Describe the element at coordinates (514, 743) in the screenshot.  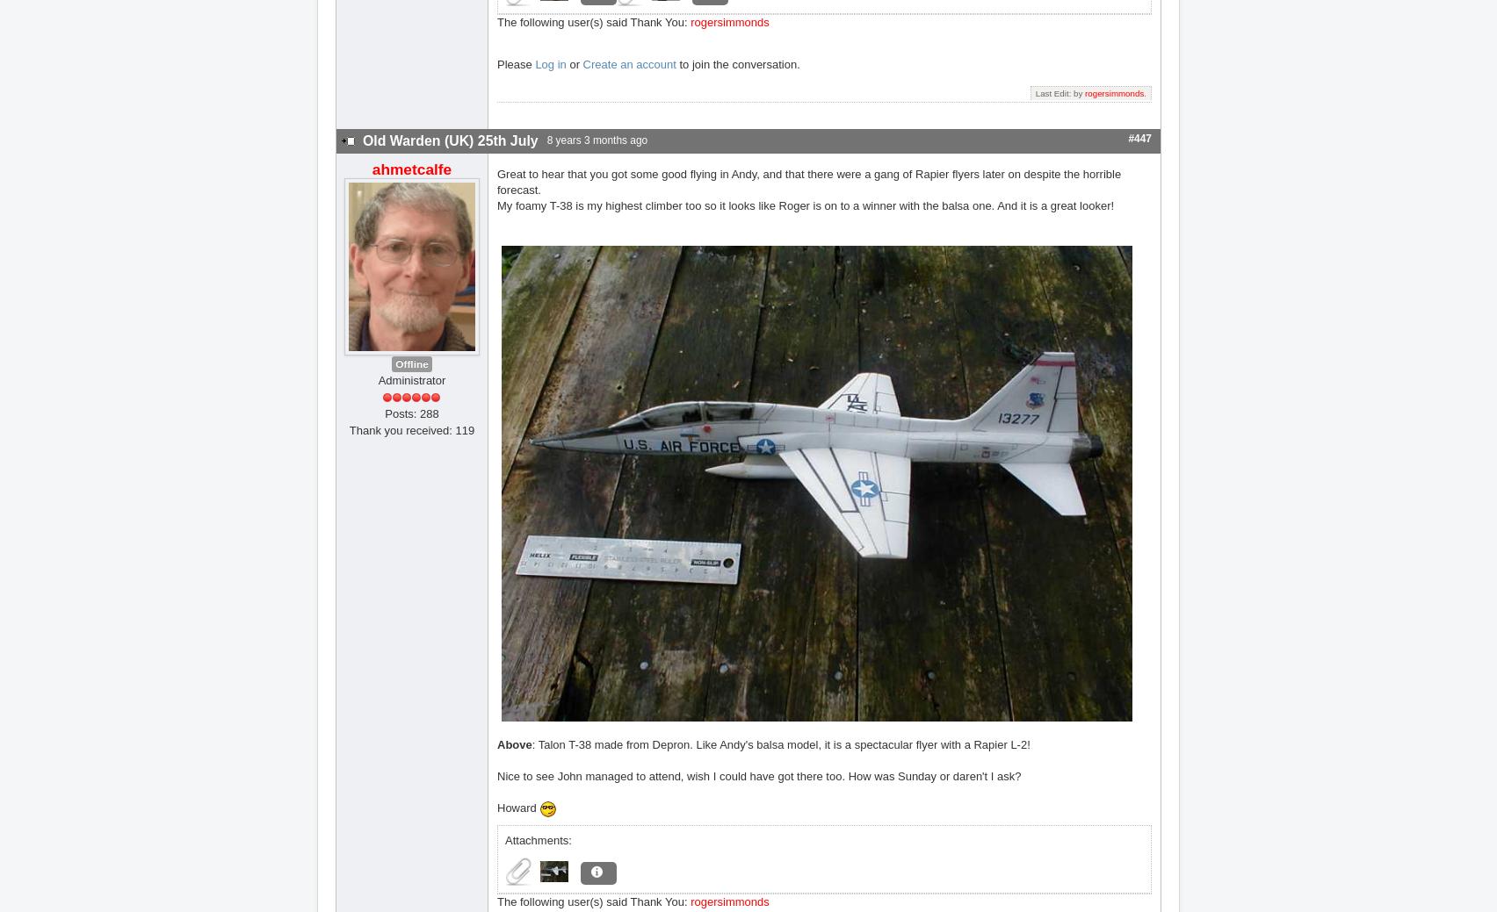
I see `'Above'` at that location.